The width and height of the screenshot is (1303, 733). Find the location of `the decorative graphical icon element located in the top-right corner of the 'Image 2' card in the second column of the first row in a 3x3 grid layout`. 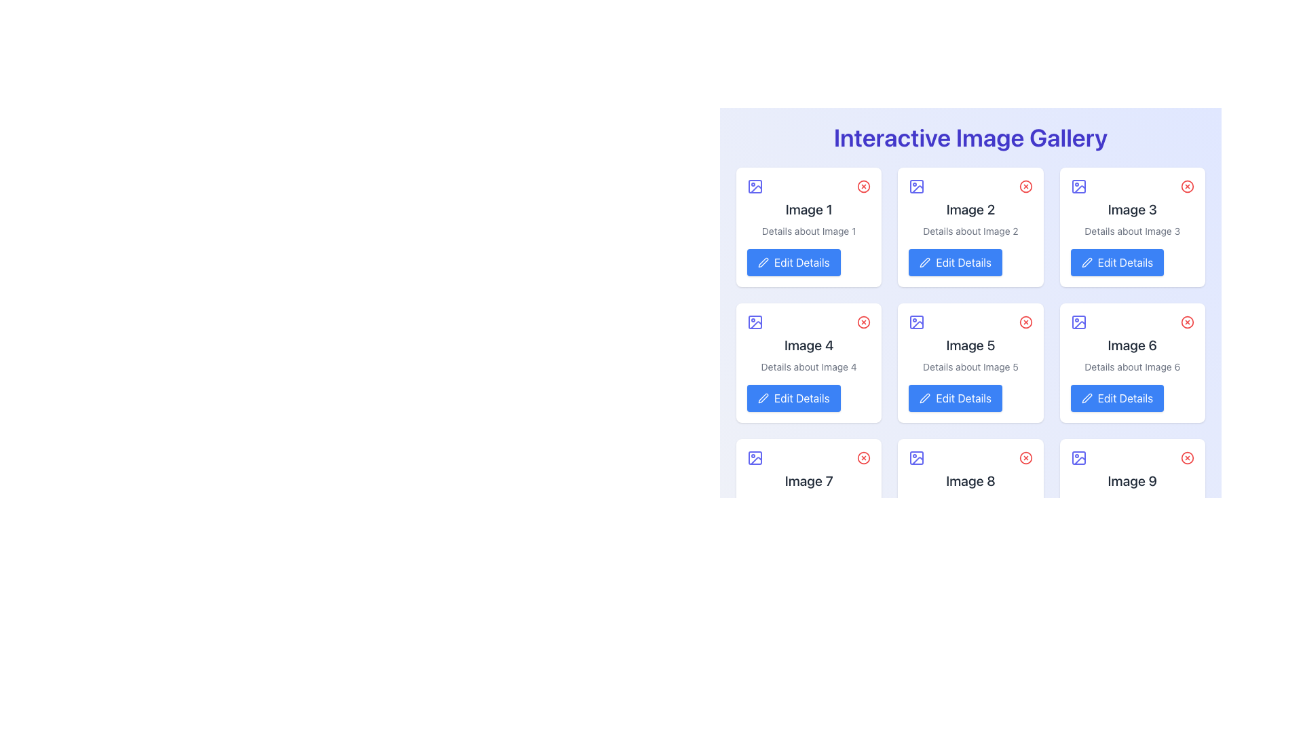

the decorative graphical icon element located in the top-right corner of the 'Image 2' card in the second column of the first row in a 3x3 grid layout is located at coordinates (917, 186).